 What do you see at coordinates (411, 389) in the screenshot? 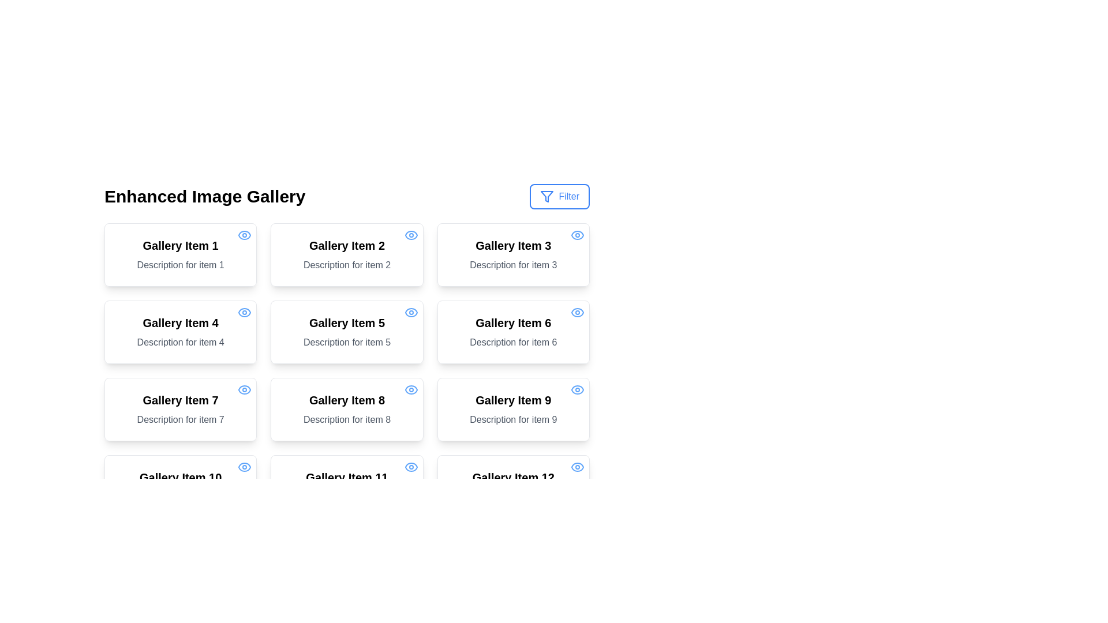
I see `the outer boundary shape of the eye icon located in the top-right corner of the 'Gallery Item 8' card` at bounding box center [411, 389].